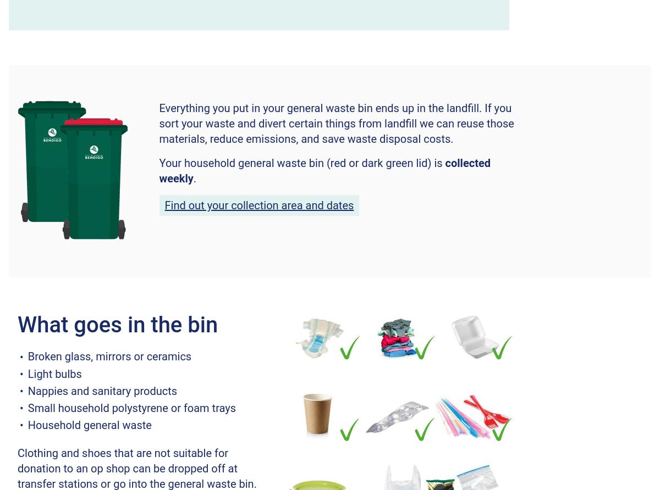  I want to click on 'Nappies and sanitary products', so click(102, 391).